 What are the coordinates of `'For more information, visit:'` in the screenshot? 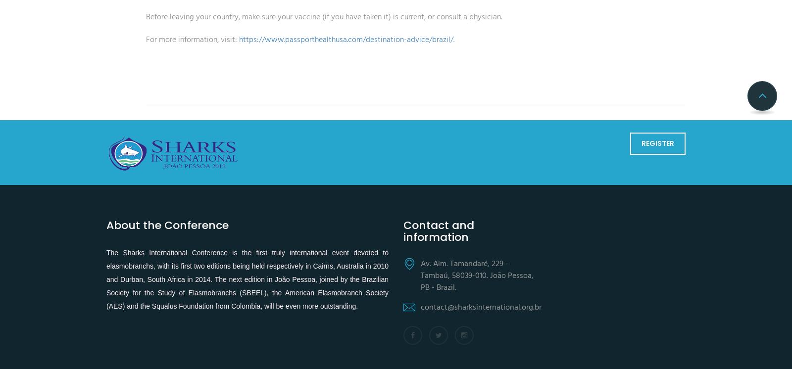 It's located at (192, 31).